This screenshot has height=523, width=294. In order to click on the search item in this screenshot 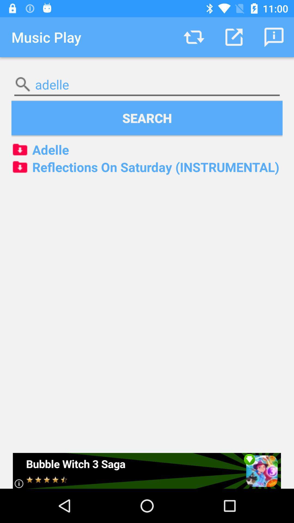, I will do `click(147, 118)`.